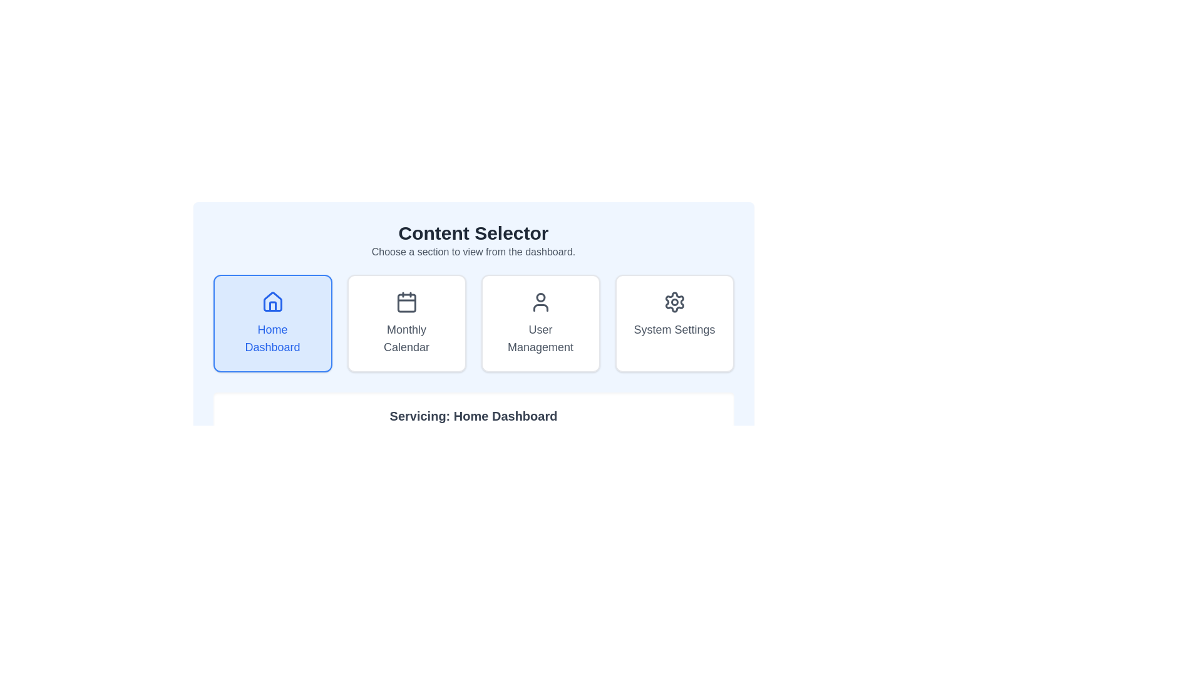  Describe the element at coordinates (540, 338) in the screenshot. I see `text label indicating the purpose of the 'User Management' card, which is centrally located below the icon within the card` at that location.